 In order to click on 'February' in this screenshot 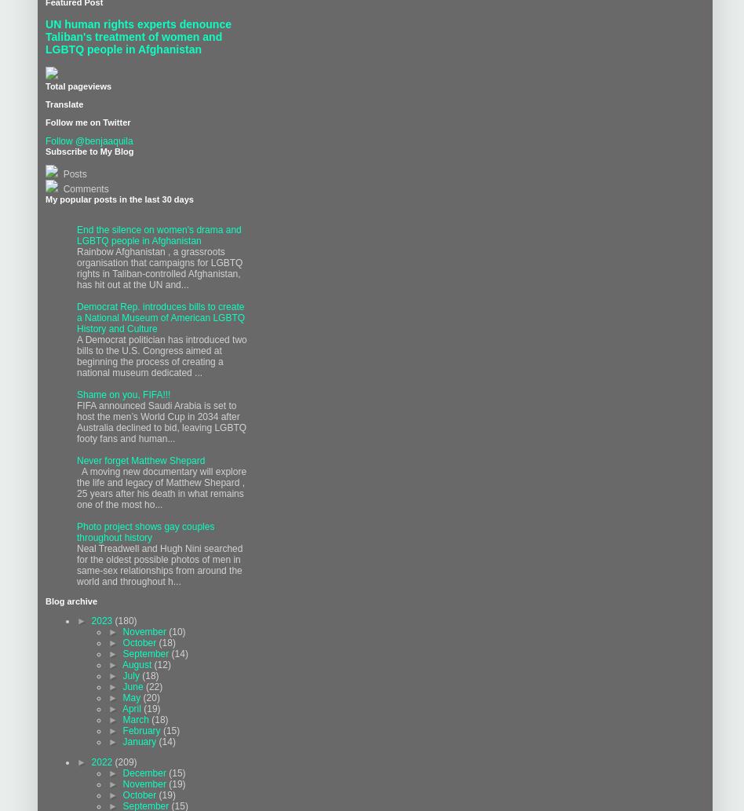, I will do `click(141, 730)`.